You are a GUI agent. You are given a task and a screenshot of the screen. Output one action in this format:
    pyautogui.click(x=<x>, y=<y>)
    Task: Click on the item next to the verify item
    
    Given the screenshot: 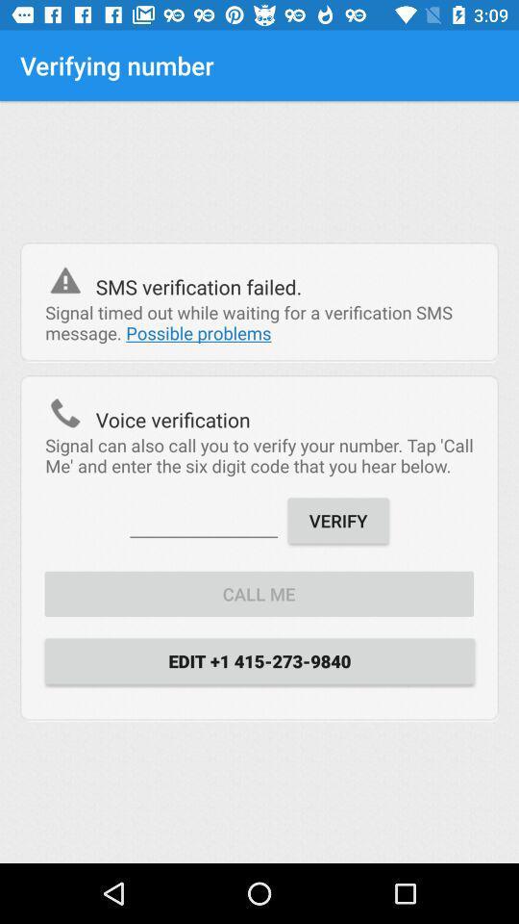 What is the action you would take?
    pyautogui.click(x=203, y=518)
    